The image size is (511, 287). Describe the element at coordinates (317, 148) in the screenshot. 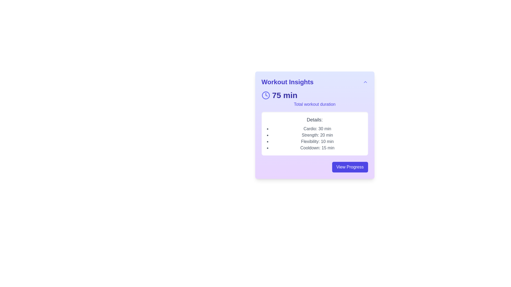

I see `text label that indicates the workout segment's type and duration, located at the bottom of the 'Details:' section in the 'Workout Insights' card` at that location.